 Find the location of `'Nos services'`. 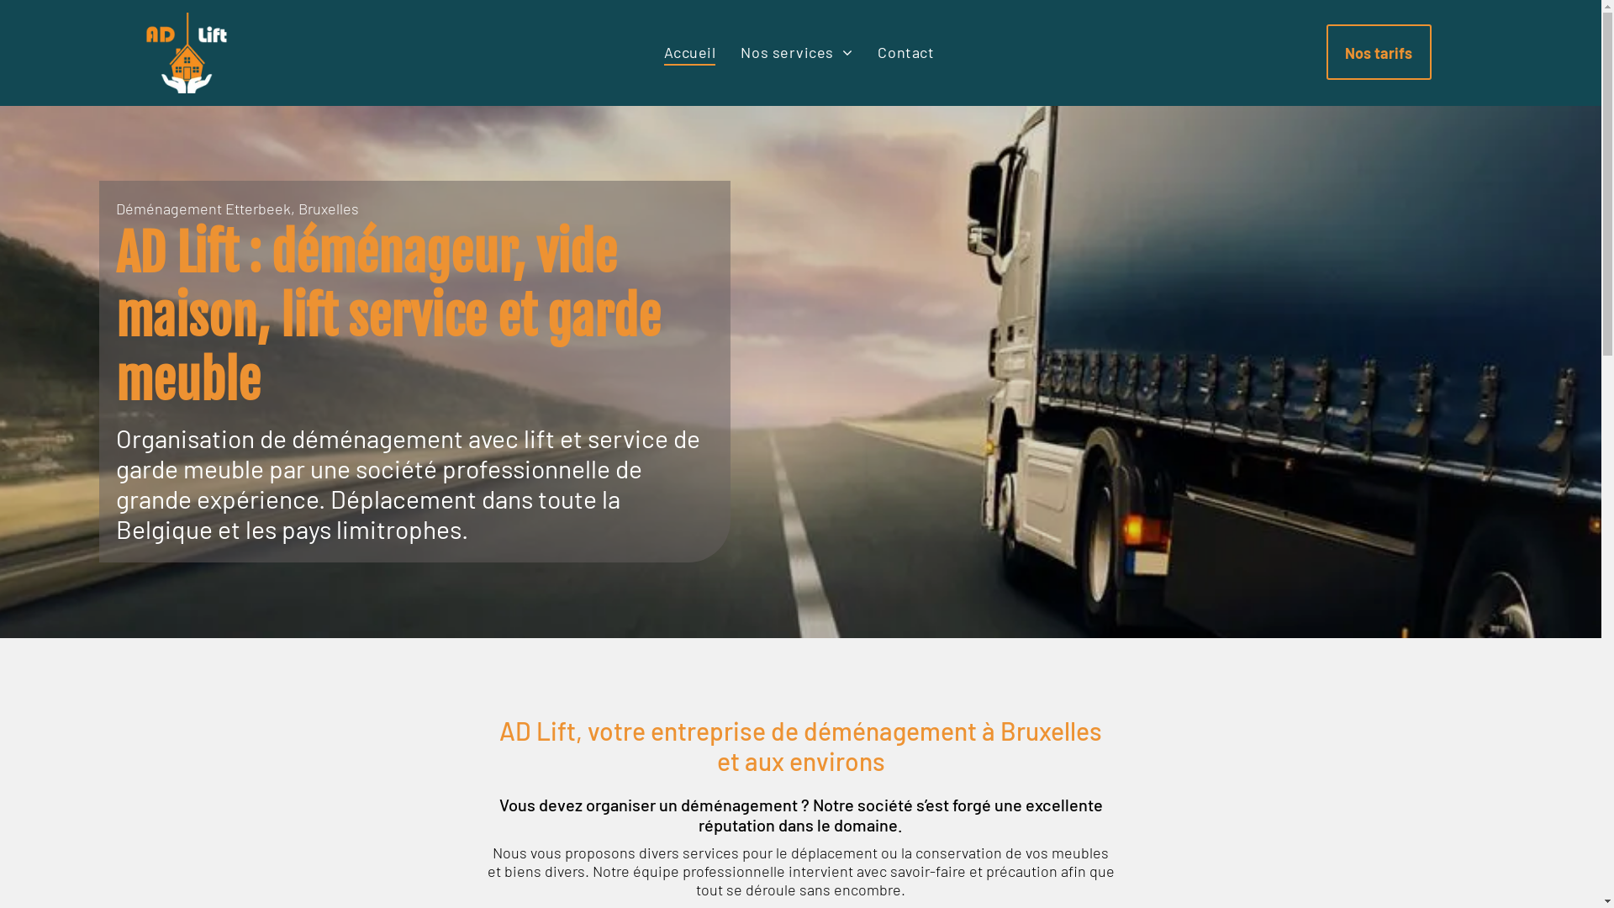

'Nos services' is located at coordinates (727, 50).